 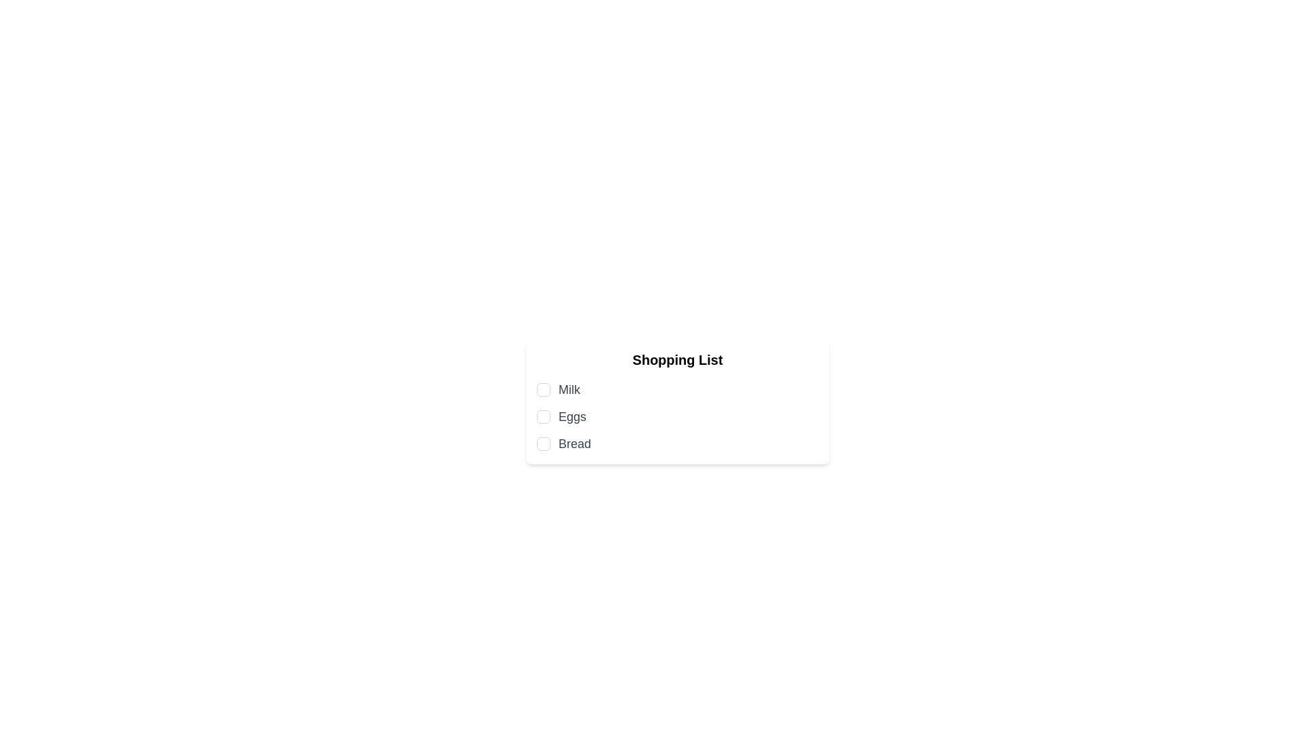 What do you see at coordinates (572, 416) in the screenshot?
I see `the static text label indicating the option 'Eggs' in the shopping list, which is positioned in a row with an adjacent unchecked checkbox` at bounding box center [572, 416].